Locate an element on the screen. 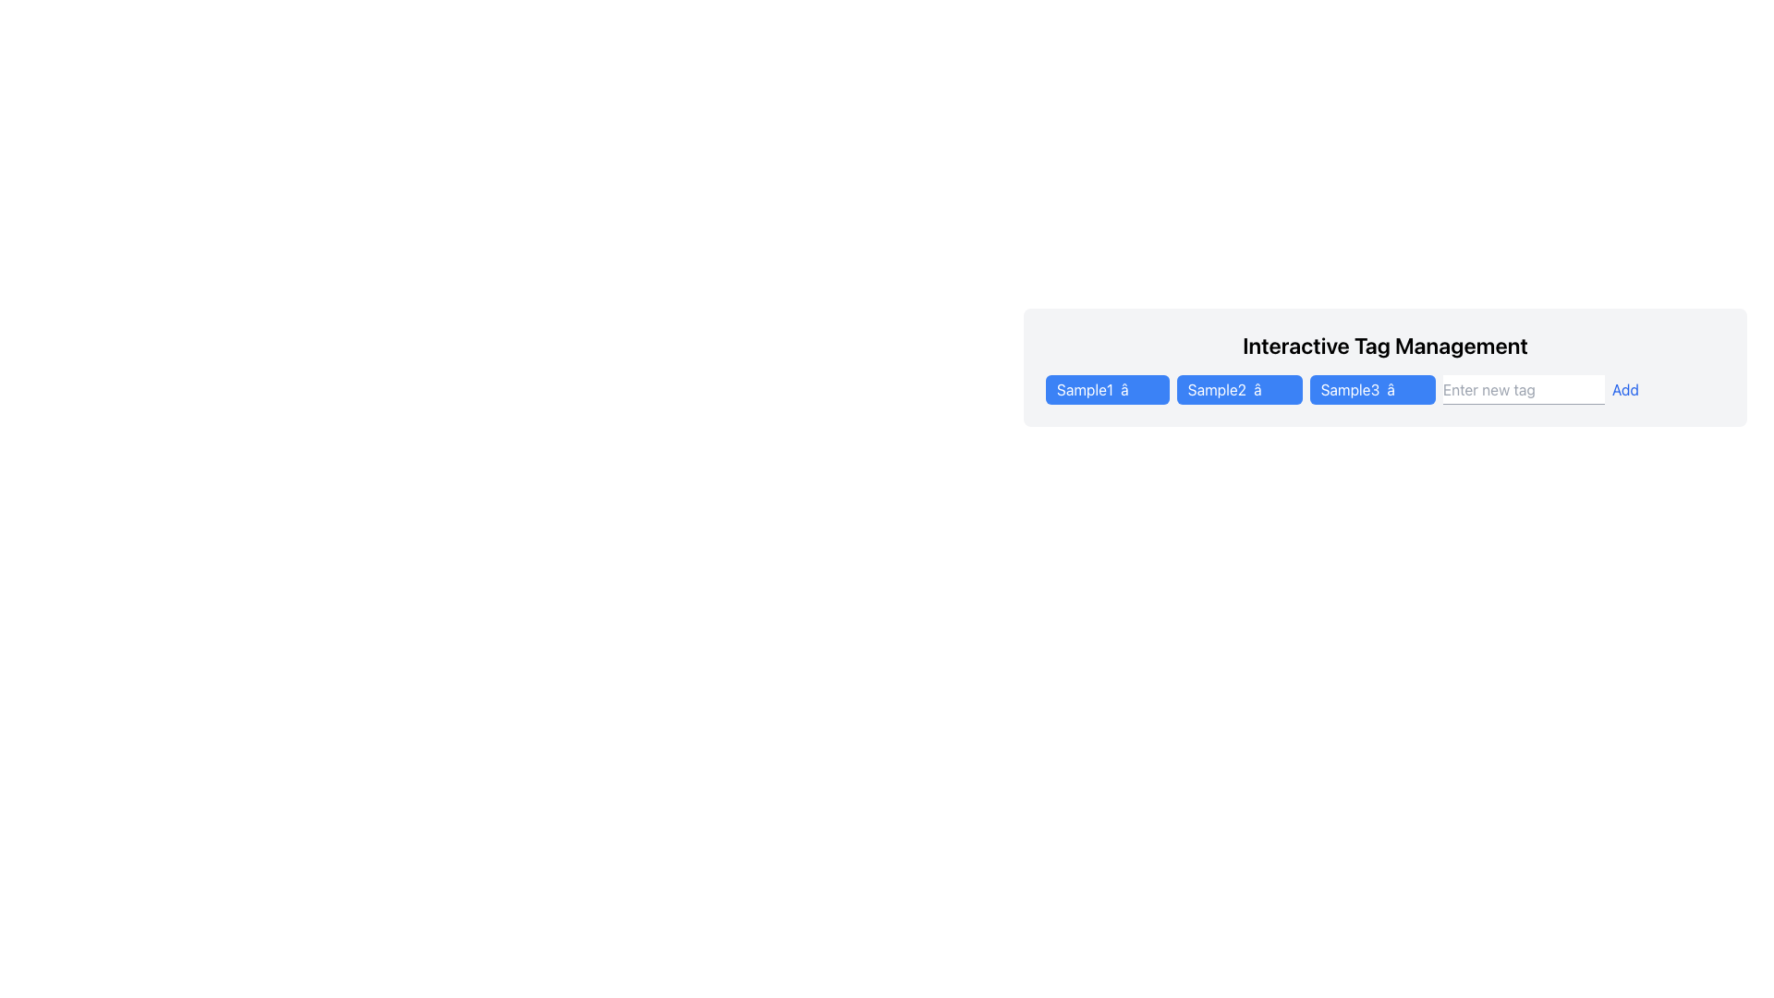 The image size is (1774, 998). the text input field for entering a new tag is located at coordinates (1524, 388).